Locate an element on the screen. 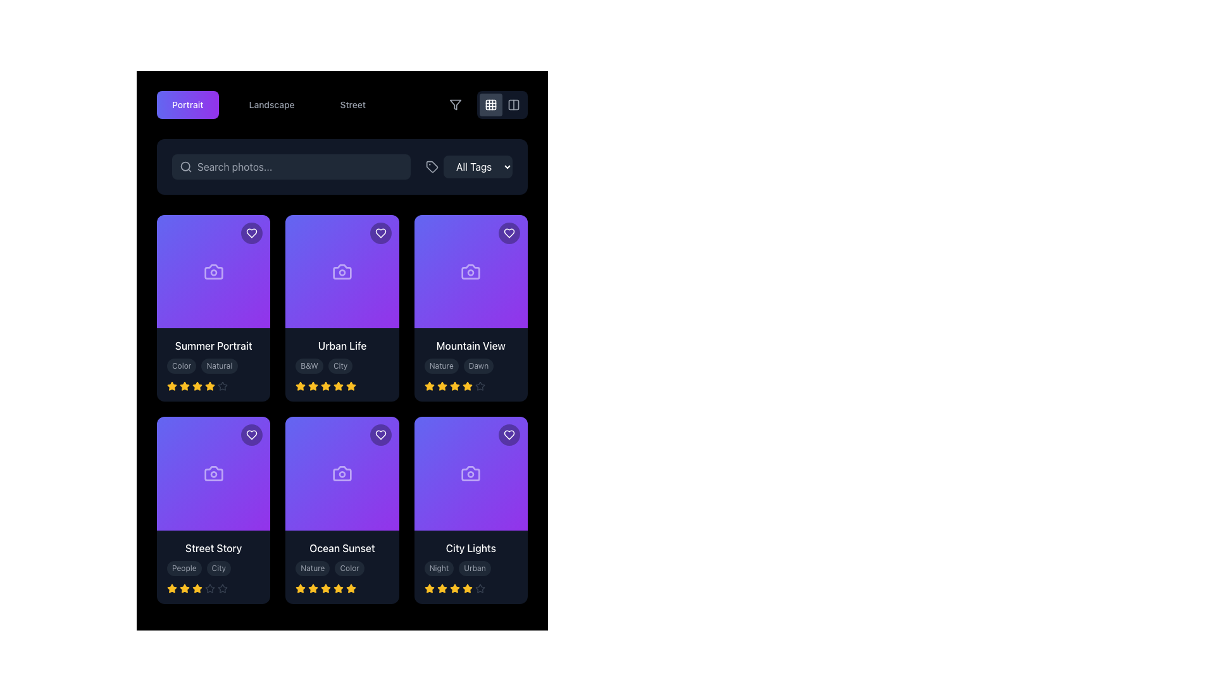  the fifth amber star icon in the rating system of the 'City Lights' card is located at coordinates (466, 588).